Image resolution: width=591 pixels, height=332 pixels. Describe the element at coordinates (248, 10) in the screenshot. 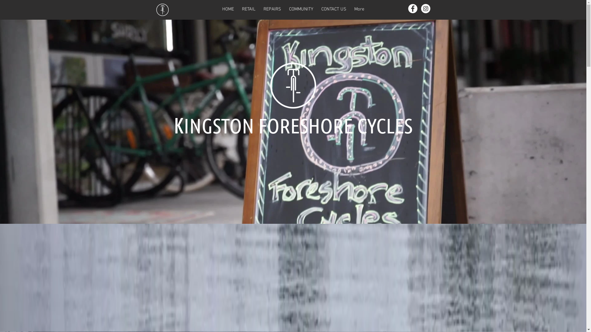

I see `'RETAIL'` at that location.